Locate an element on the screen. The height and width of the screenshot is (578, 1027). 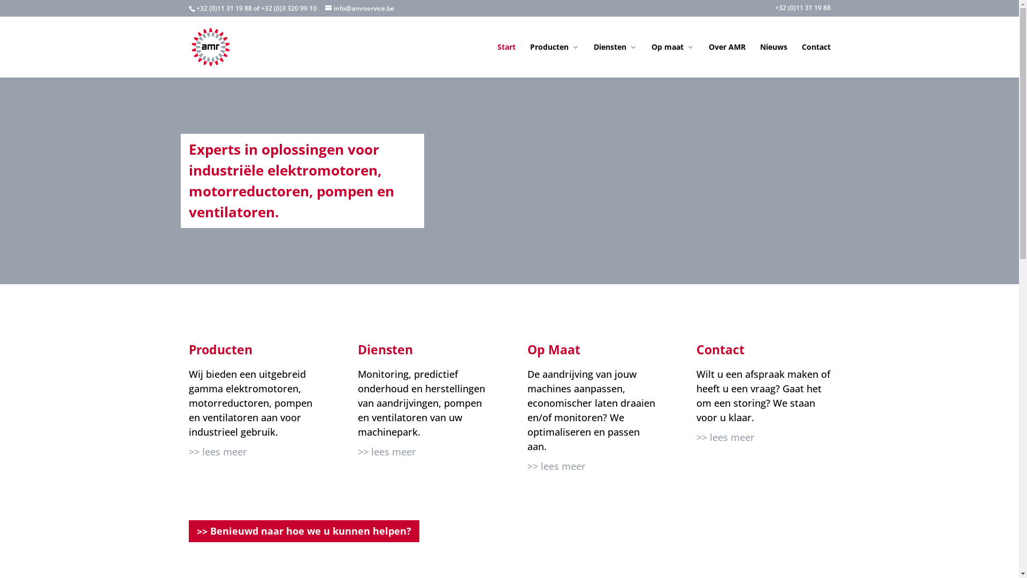
'Over AMR' is located at coordinates (726, 60).